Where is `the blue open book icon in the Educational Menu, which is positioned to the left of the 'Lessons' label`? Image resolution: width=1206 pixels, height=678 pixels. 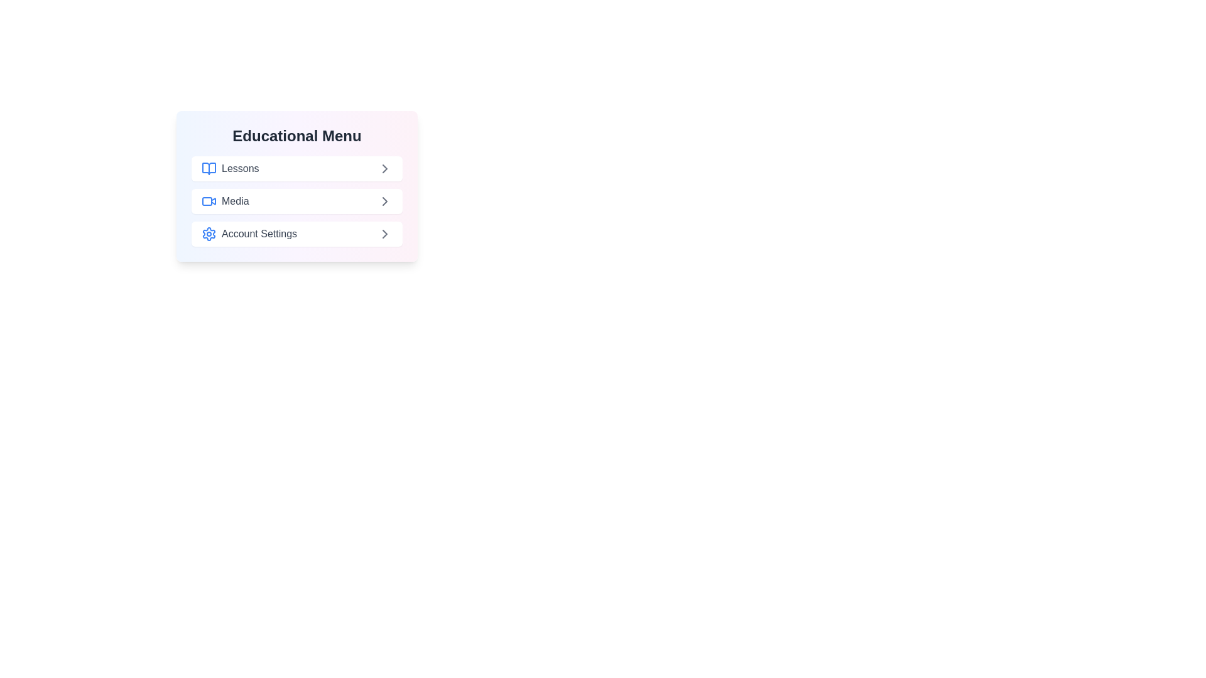
the blue open book icon in the Educational Menu, which is positioned to the left of the 'Lessons' label is located at coordinates (209, 168).